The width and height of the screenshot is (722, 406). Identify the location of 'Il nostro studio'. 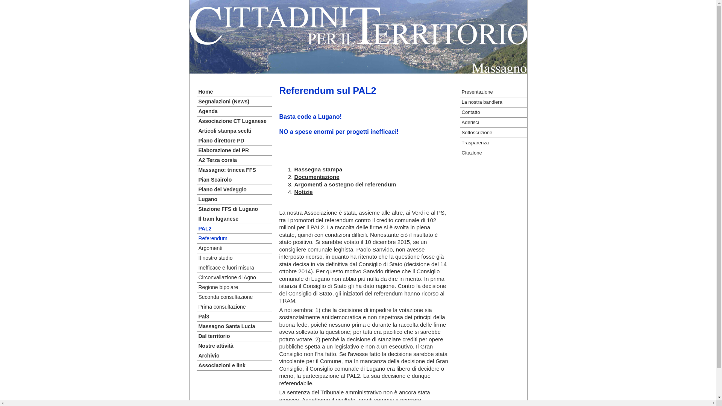
(234, 258).